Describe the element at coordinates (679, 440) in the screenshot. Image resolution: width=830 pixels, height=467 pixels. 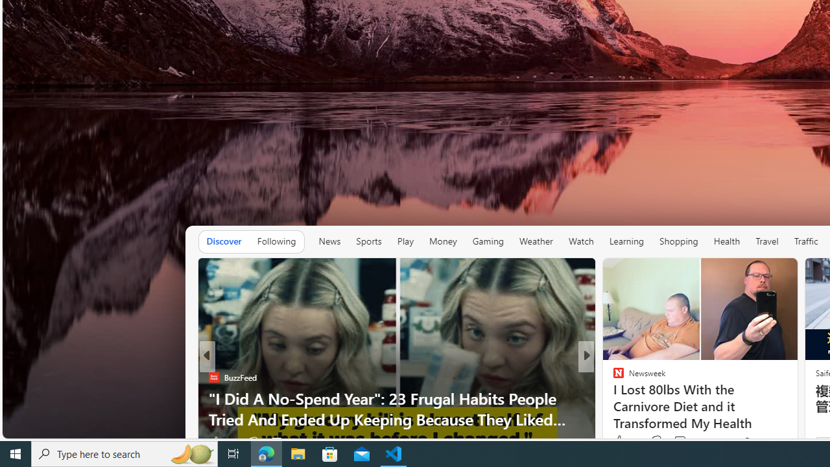
I see `'View comments 73 Comment'` at that location.